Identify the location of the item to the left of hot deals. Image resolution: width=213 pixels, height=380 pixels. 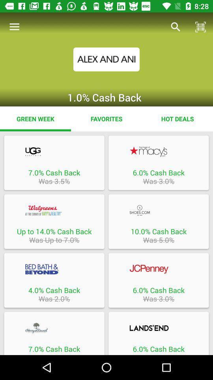
(106, 118).